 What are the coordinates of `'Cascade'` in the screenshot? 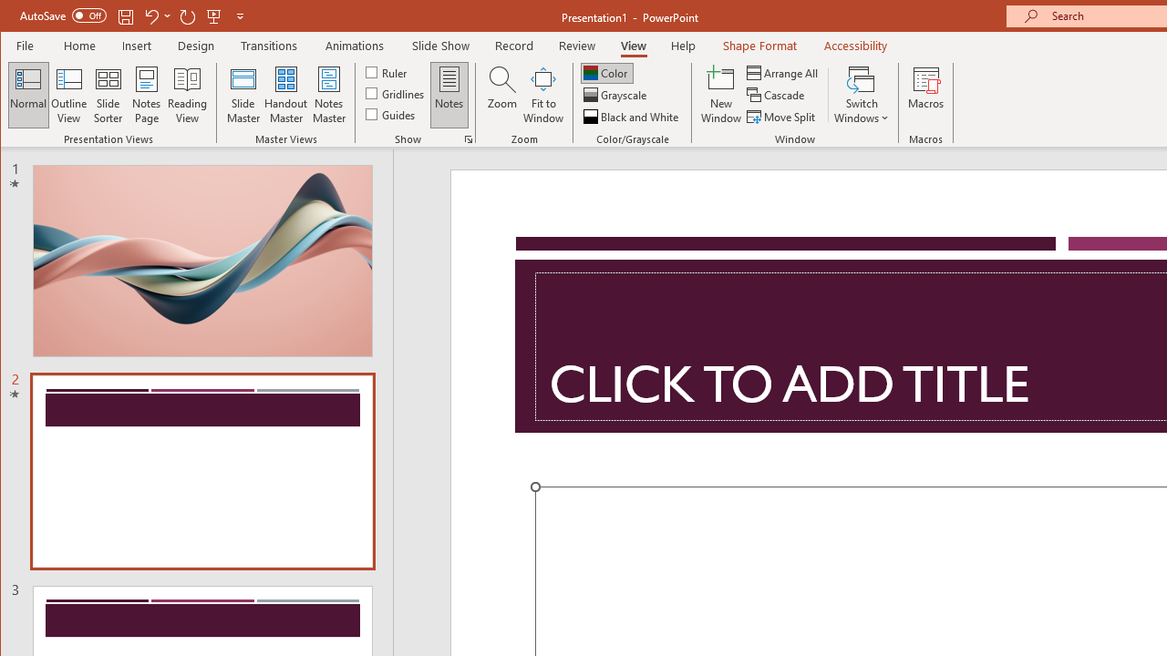 It's located at (778, 95).